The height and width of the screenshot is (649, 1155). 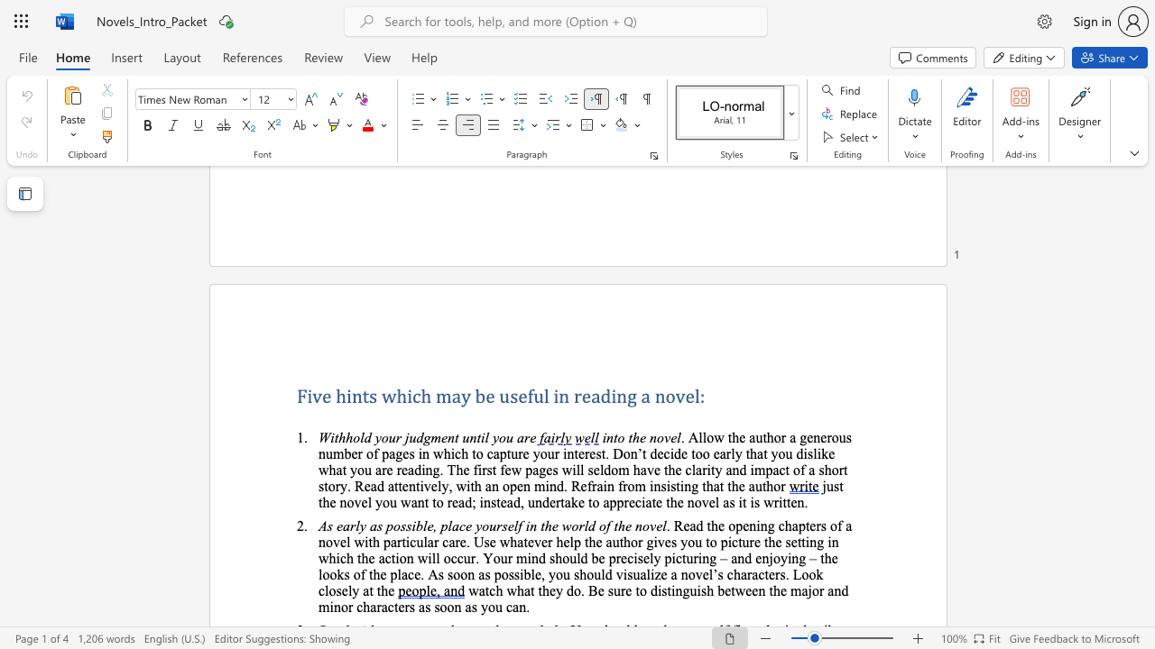 What do you see at coordinates (798, 557) in the screenshot?
I see `the subset text "g – the looks of the p" within the text ". Read the opening chapters of a novel with particular care. Use whatever help the author gives you to picture the setting in which the action will occur. Your mind should be precisely picturing – and enjoying – the looks of the place. As soon as possible, you should visualize a novel’s characters. Look closely at the"` at bounding box center [798, 557].